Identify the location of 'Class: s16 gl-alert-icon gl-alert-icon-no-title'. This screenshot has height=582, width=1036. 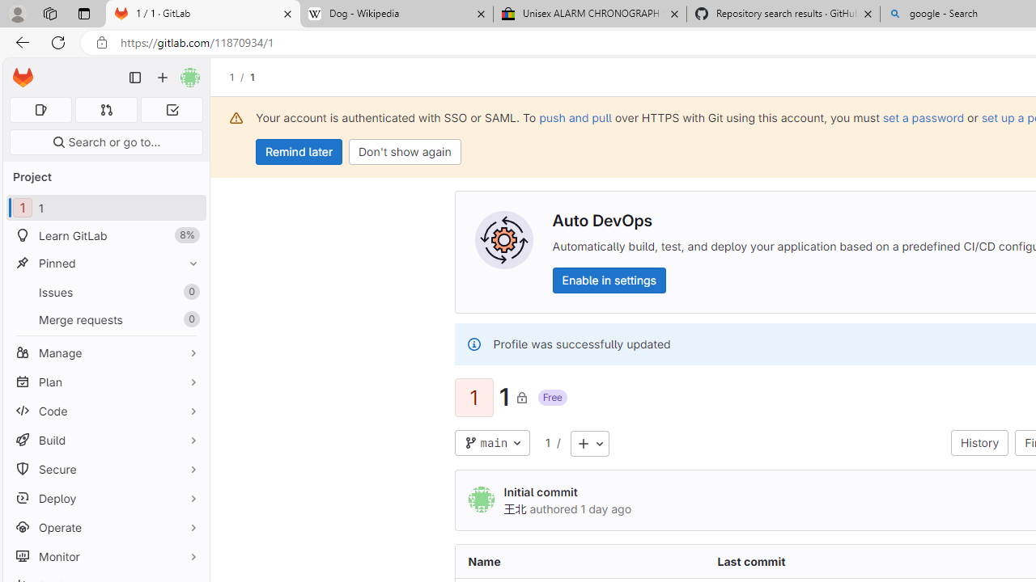
(473, 344).